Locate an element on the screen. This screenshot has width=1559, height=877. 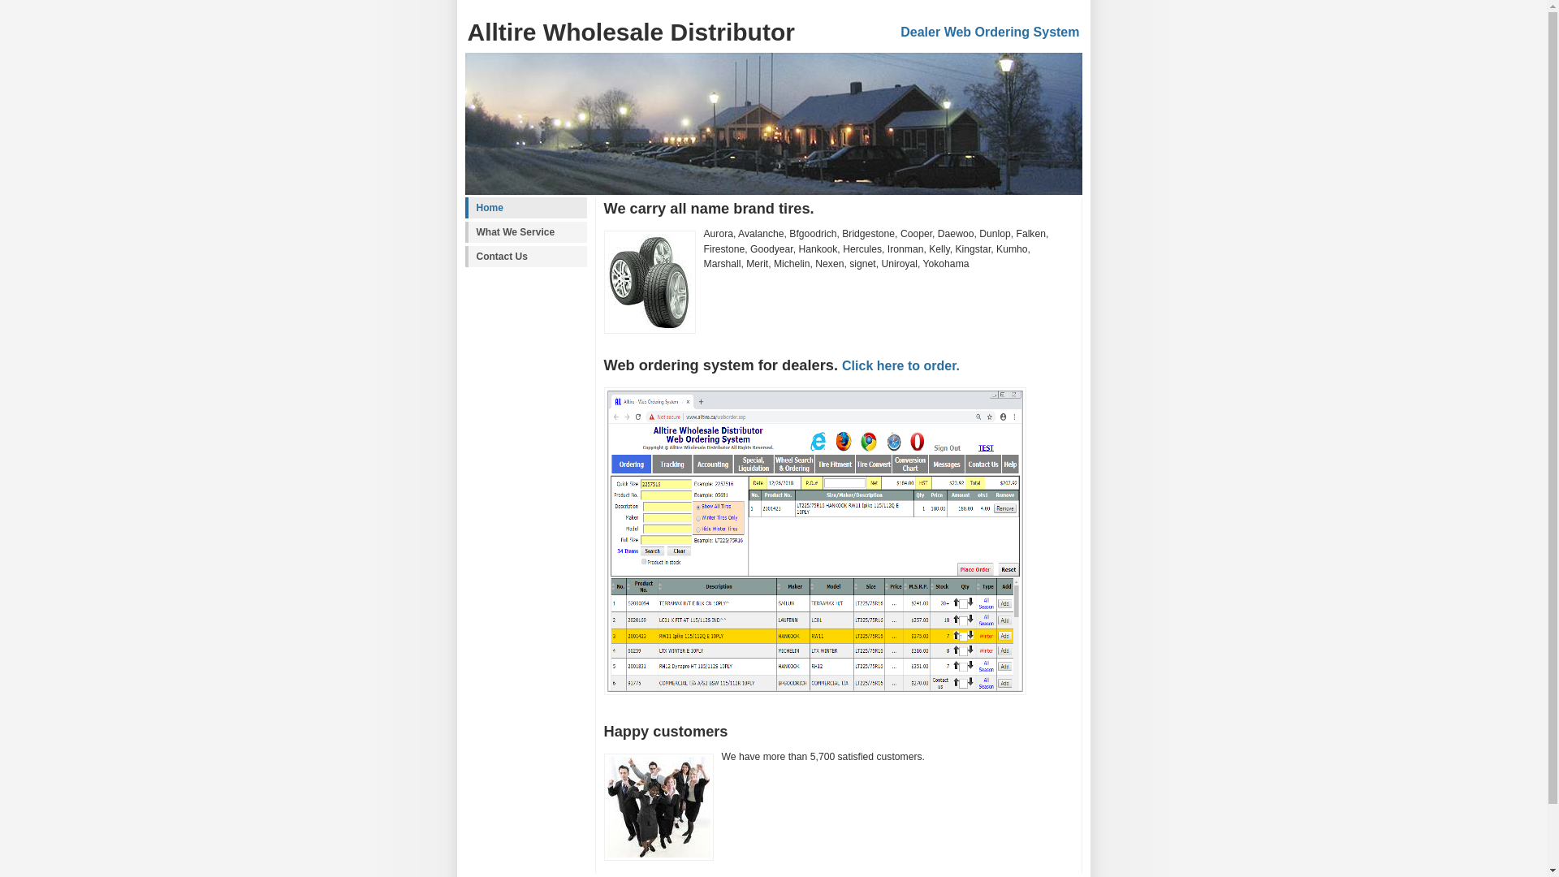
'Home' is located at coordinates (525, 206).